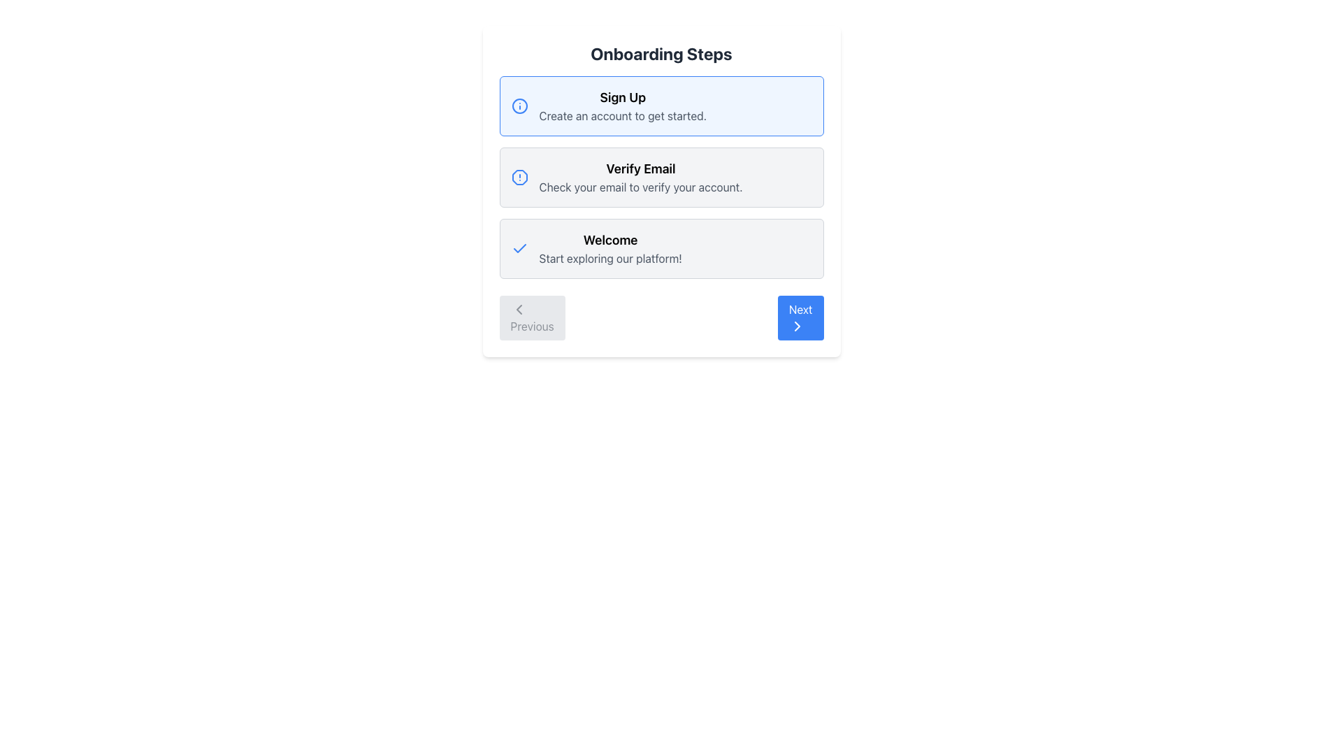 This screenshot has height=755, width=1342. I want to click on the left-facing chevron icon inside the 'Previous' button, so click(518, 309).